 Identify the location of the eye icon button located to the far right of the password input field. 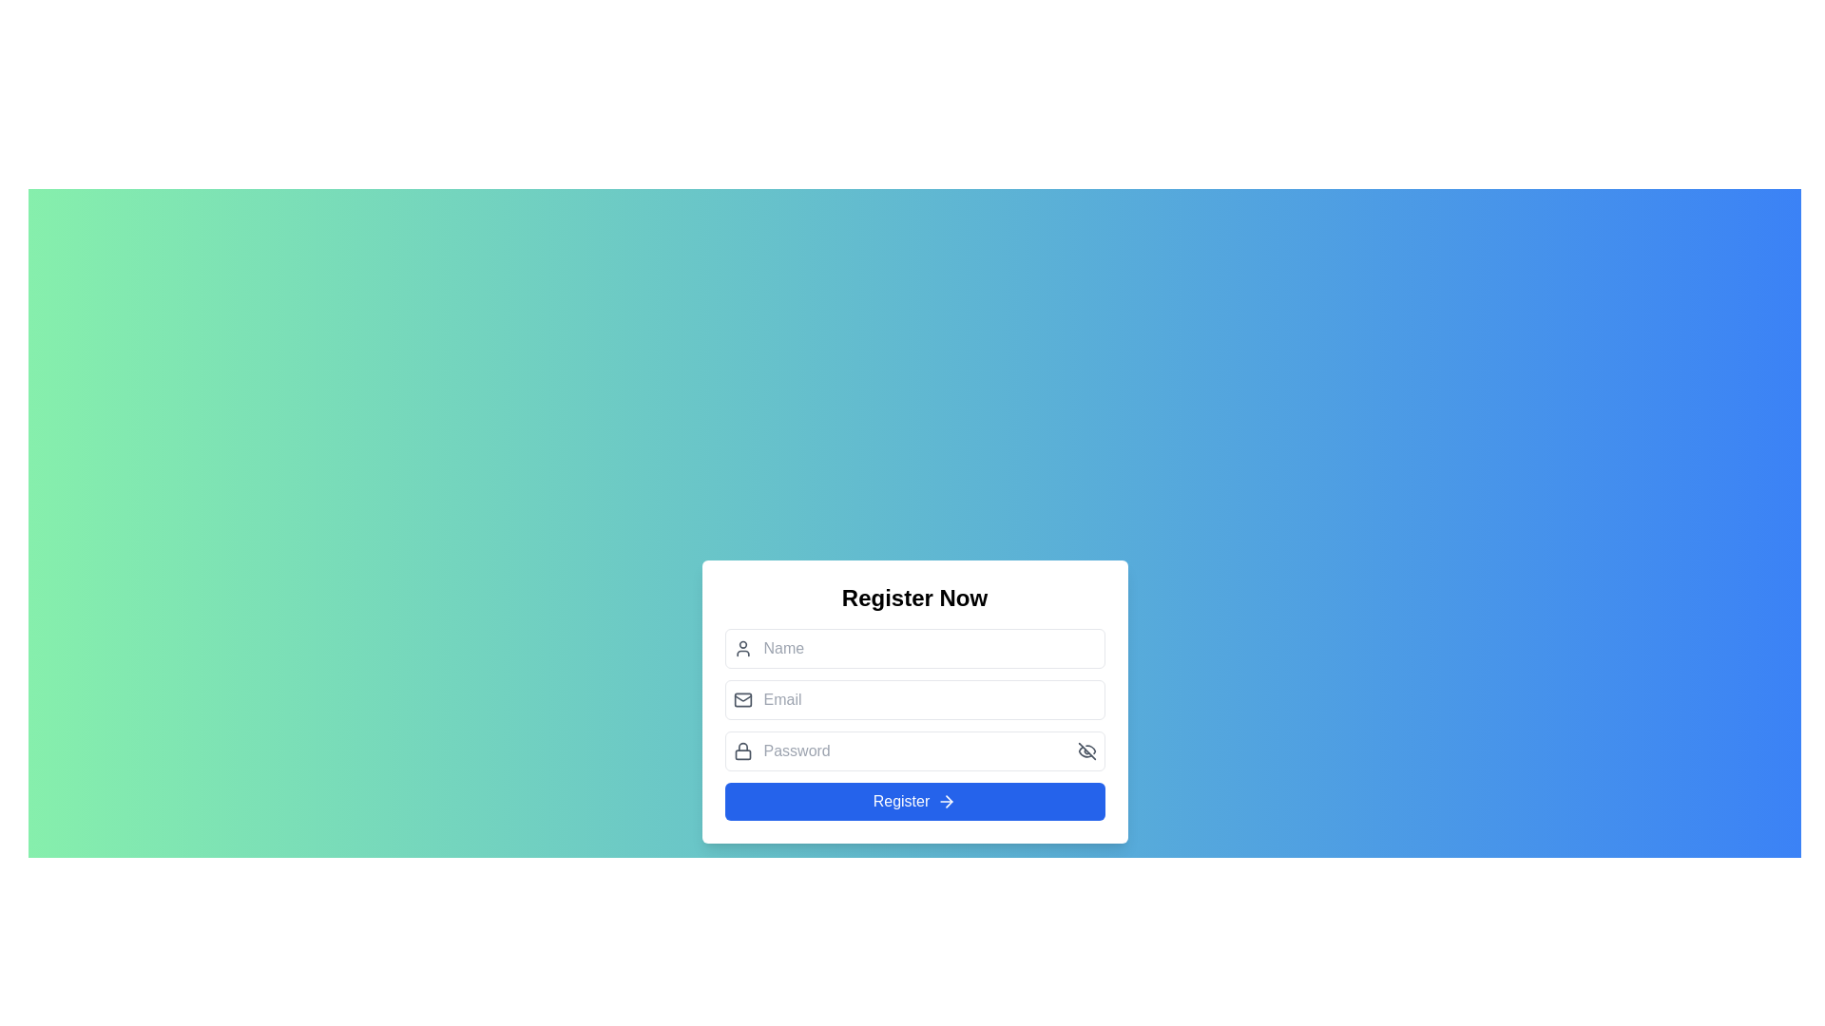
(1086, 750).